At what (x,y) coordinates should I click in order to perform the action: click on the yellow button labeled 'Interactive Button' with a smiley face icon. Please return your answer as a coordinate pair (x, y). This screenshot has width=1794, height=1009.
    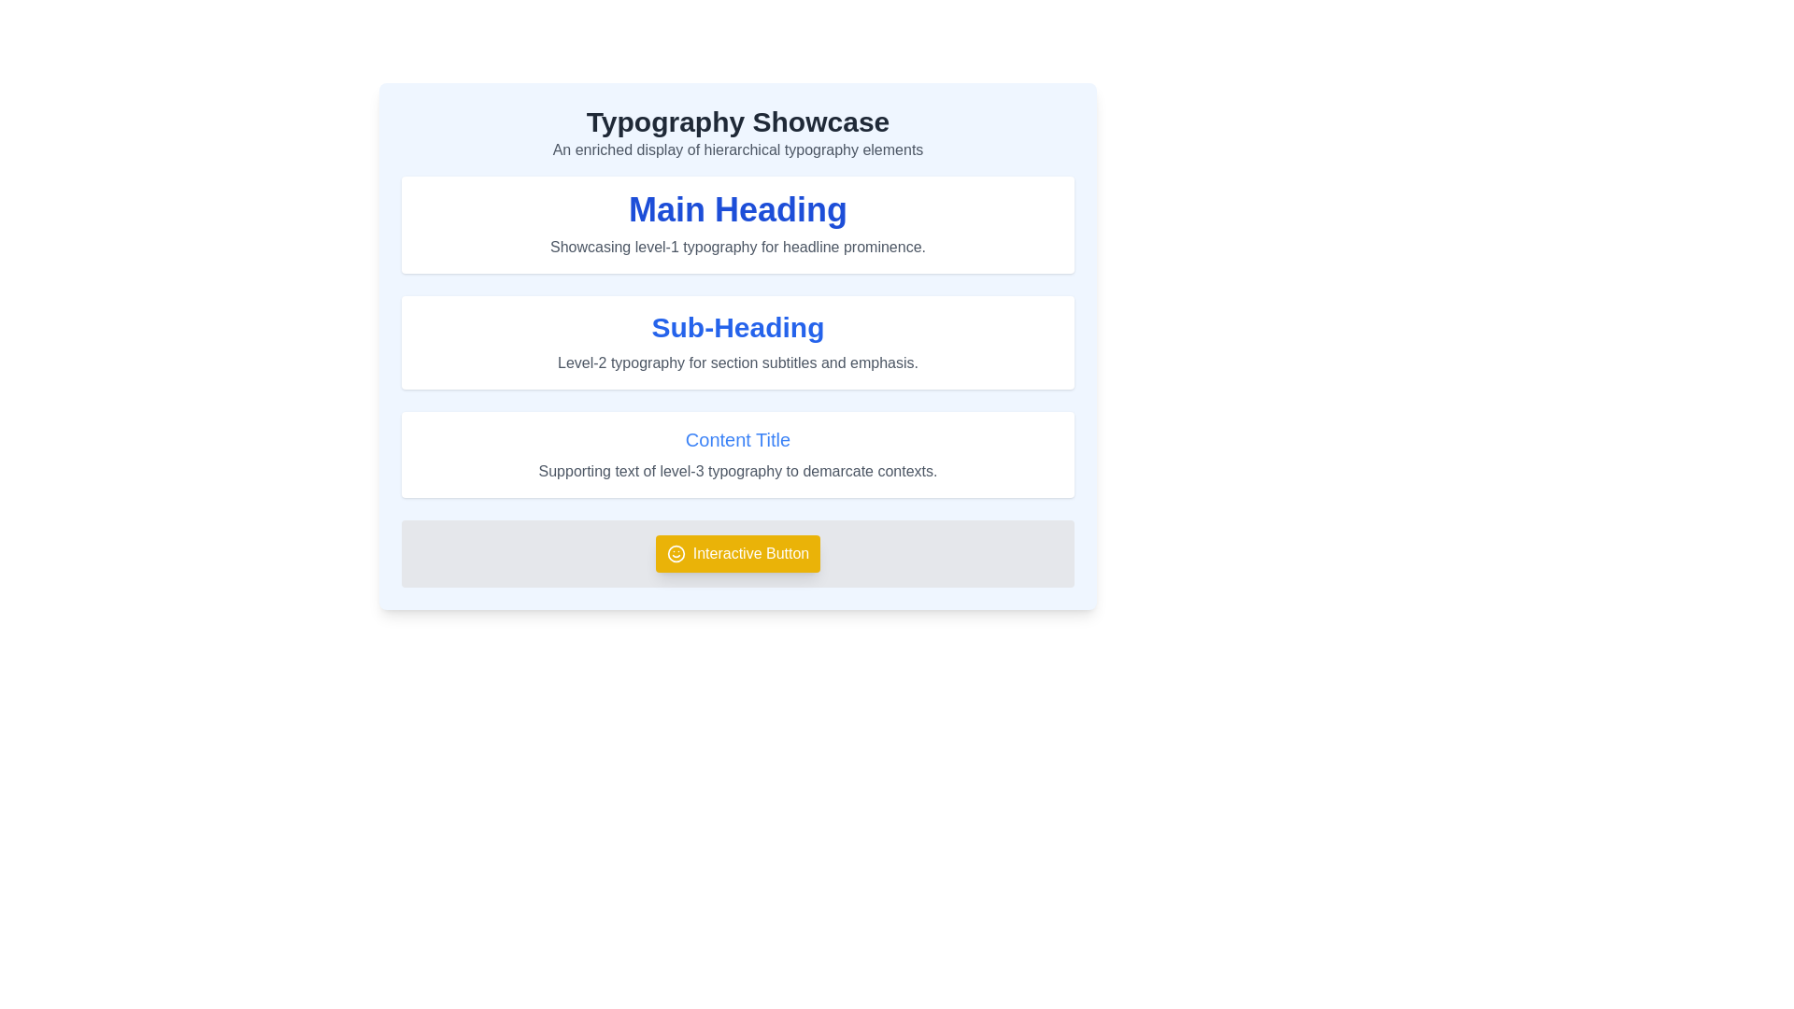
    Looking at the image, I should click on (737, 553).